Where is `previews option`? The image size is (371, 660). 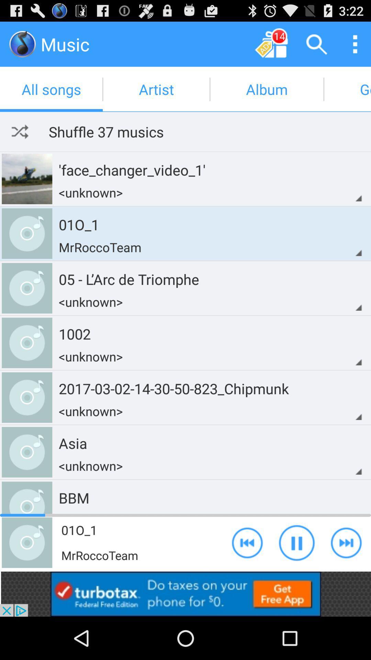
previews option is located at coordinates (247, 542).